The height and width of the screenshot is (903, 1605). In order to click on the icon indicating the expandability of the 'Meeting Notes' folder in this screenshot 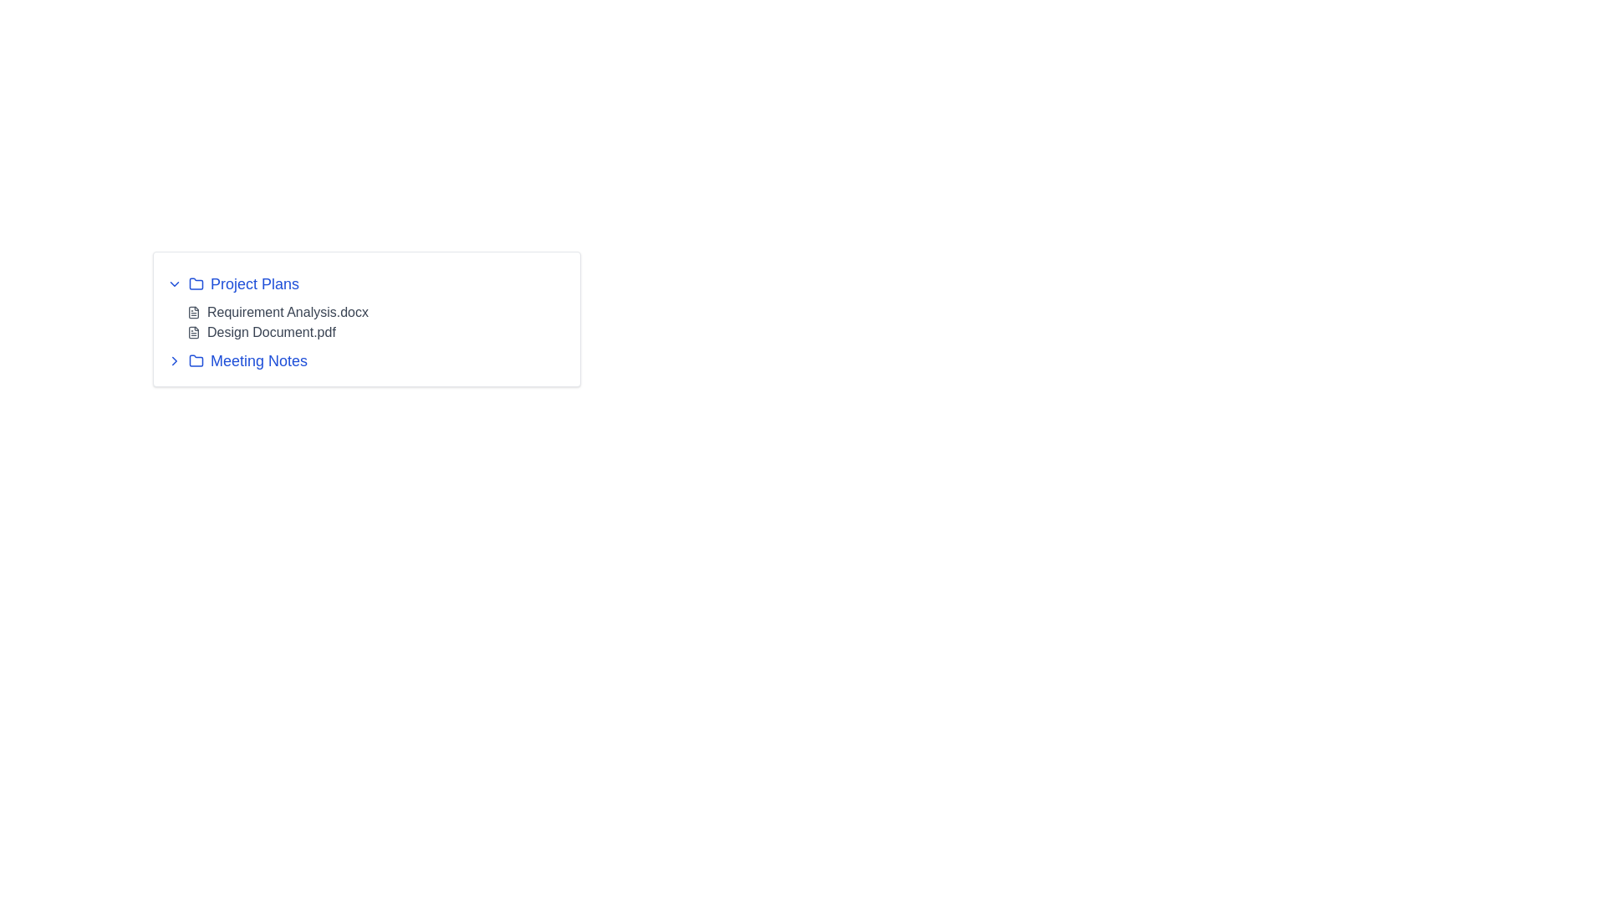, I will do `click(175, 360)`.